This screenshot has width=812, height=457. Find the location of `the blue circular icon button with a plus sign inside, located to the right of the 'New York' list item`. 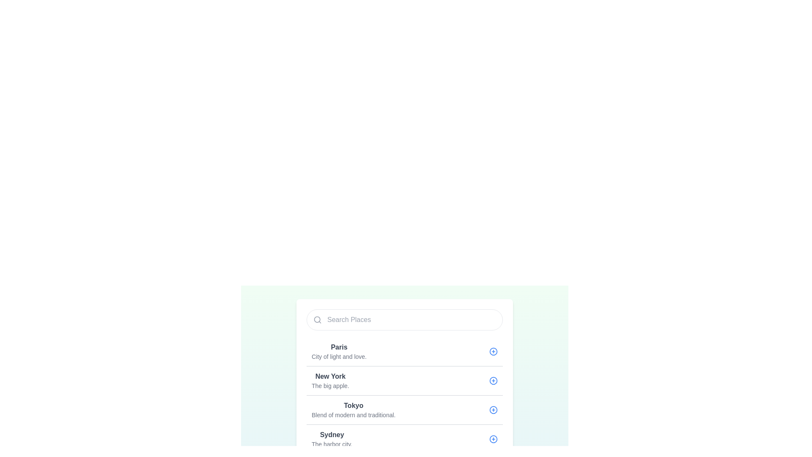

the blue circular icon button with a plus sign inside, located to the right of the 'New York' list item is located at coordinates (493, 380).